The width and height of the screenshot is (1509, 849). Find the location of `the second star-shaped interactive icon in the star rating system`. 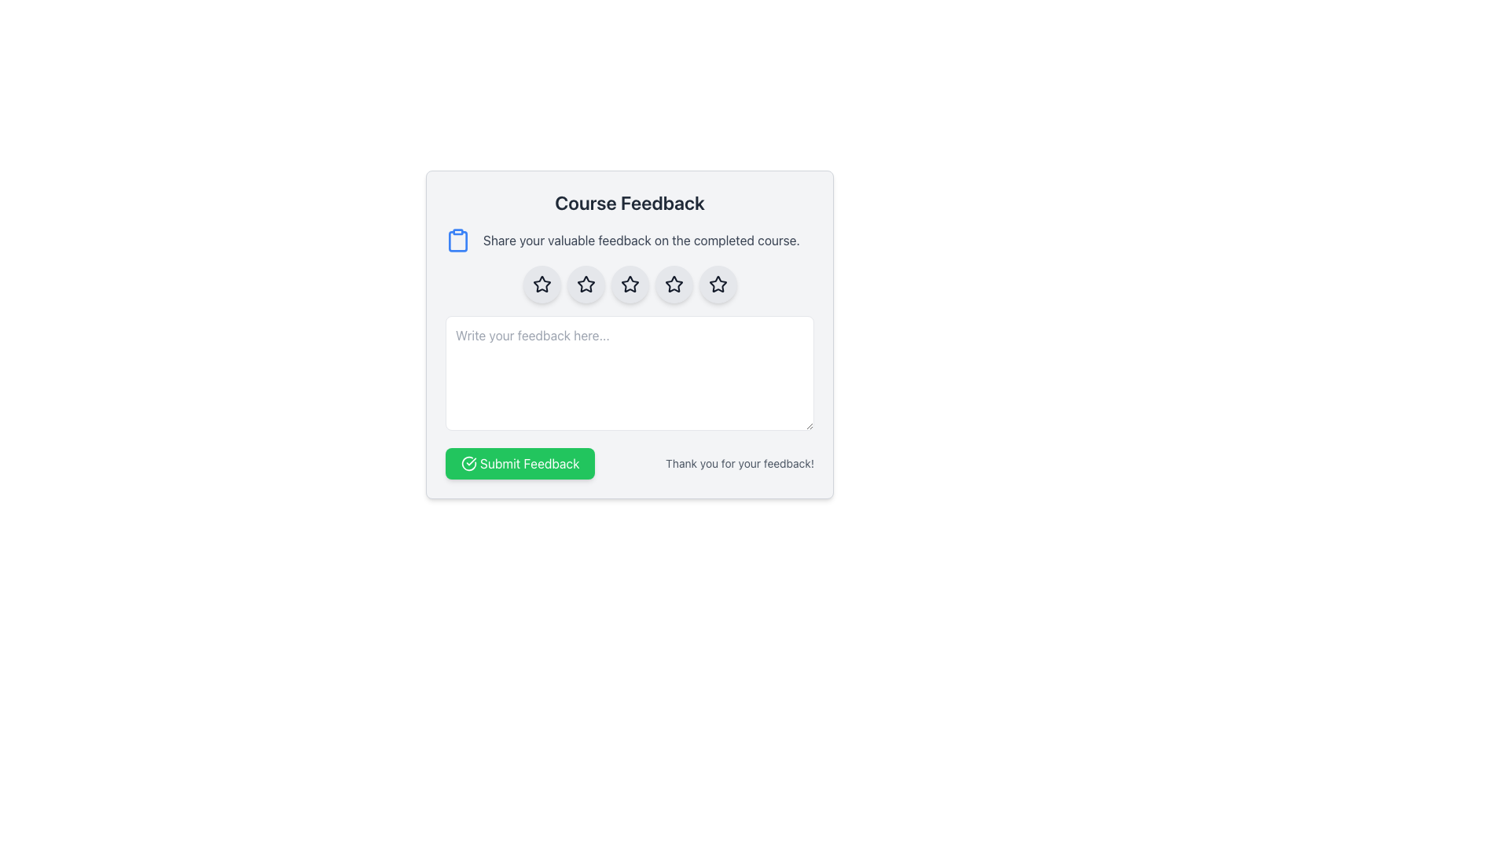

the second star-shaped interactive icon in the star rating system is located at coordinates (542, 285).